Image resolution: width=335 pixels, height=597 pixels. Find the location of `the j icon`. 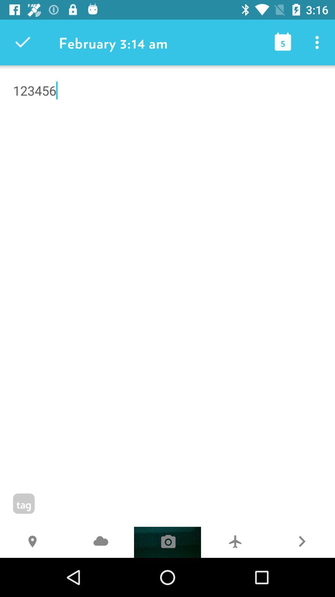

the j icon is located at coordinates (100, 542).